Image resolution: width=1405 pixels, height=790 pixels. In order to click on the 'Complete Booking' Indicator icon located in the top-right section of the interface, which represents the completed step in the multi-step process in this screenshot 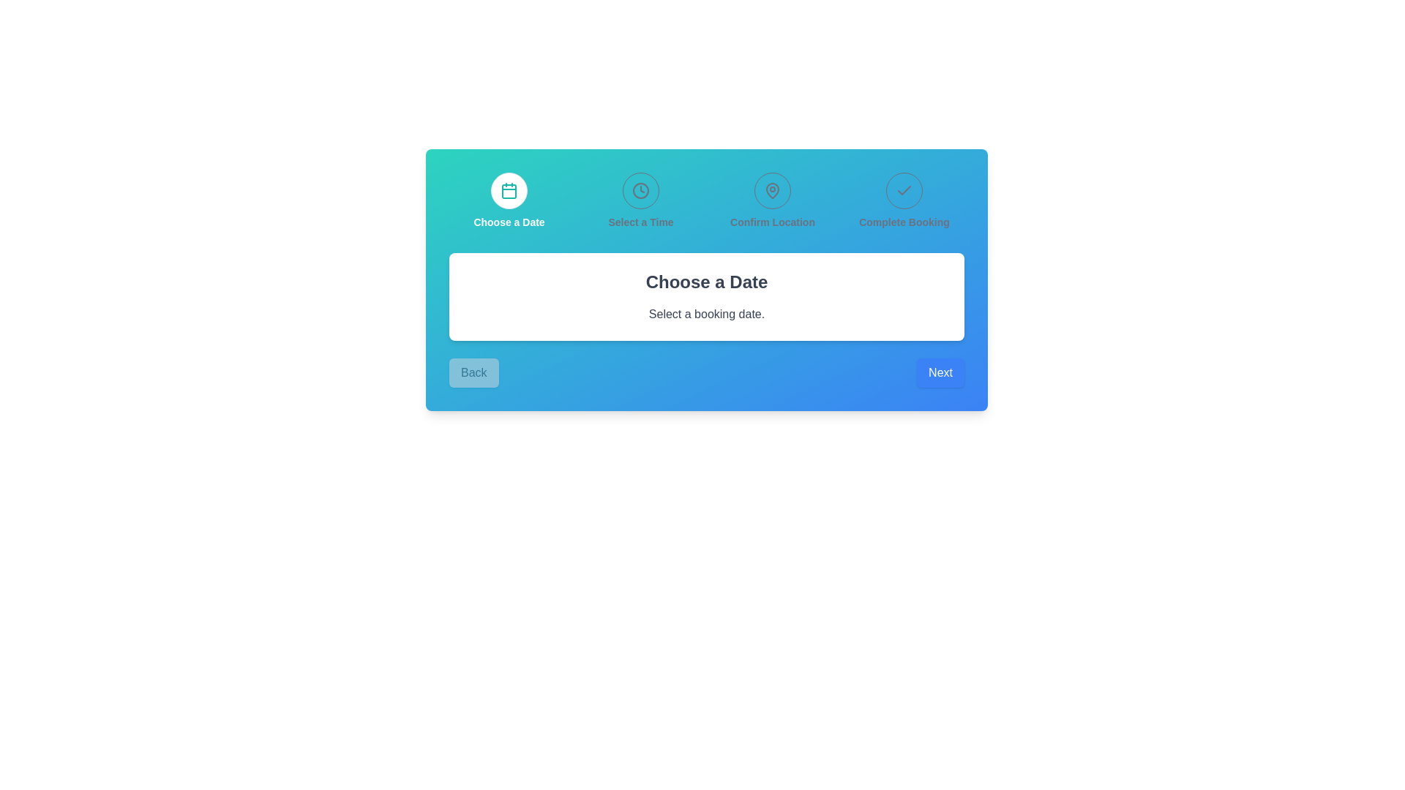, I will do `click(904, 190)`.